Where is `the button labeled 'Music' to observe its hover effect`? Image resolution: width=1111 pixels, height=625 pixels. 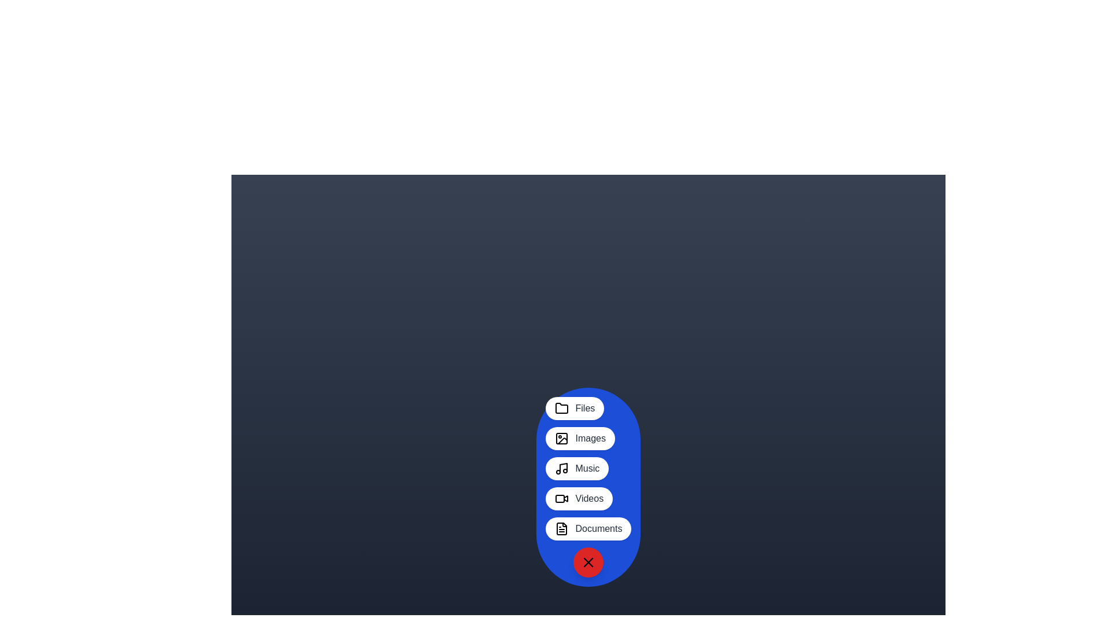 the button labeled 'Music' to observe its hover effect is located at coordinates (577, 469).